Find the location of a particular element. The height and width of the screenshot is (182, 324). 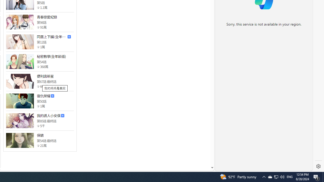

'Settings' is located at coordinates (318, 166).